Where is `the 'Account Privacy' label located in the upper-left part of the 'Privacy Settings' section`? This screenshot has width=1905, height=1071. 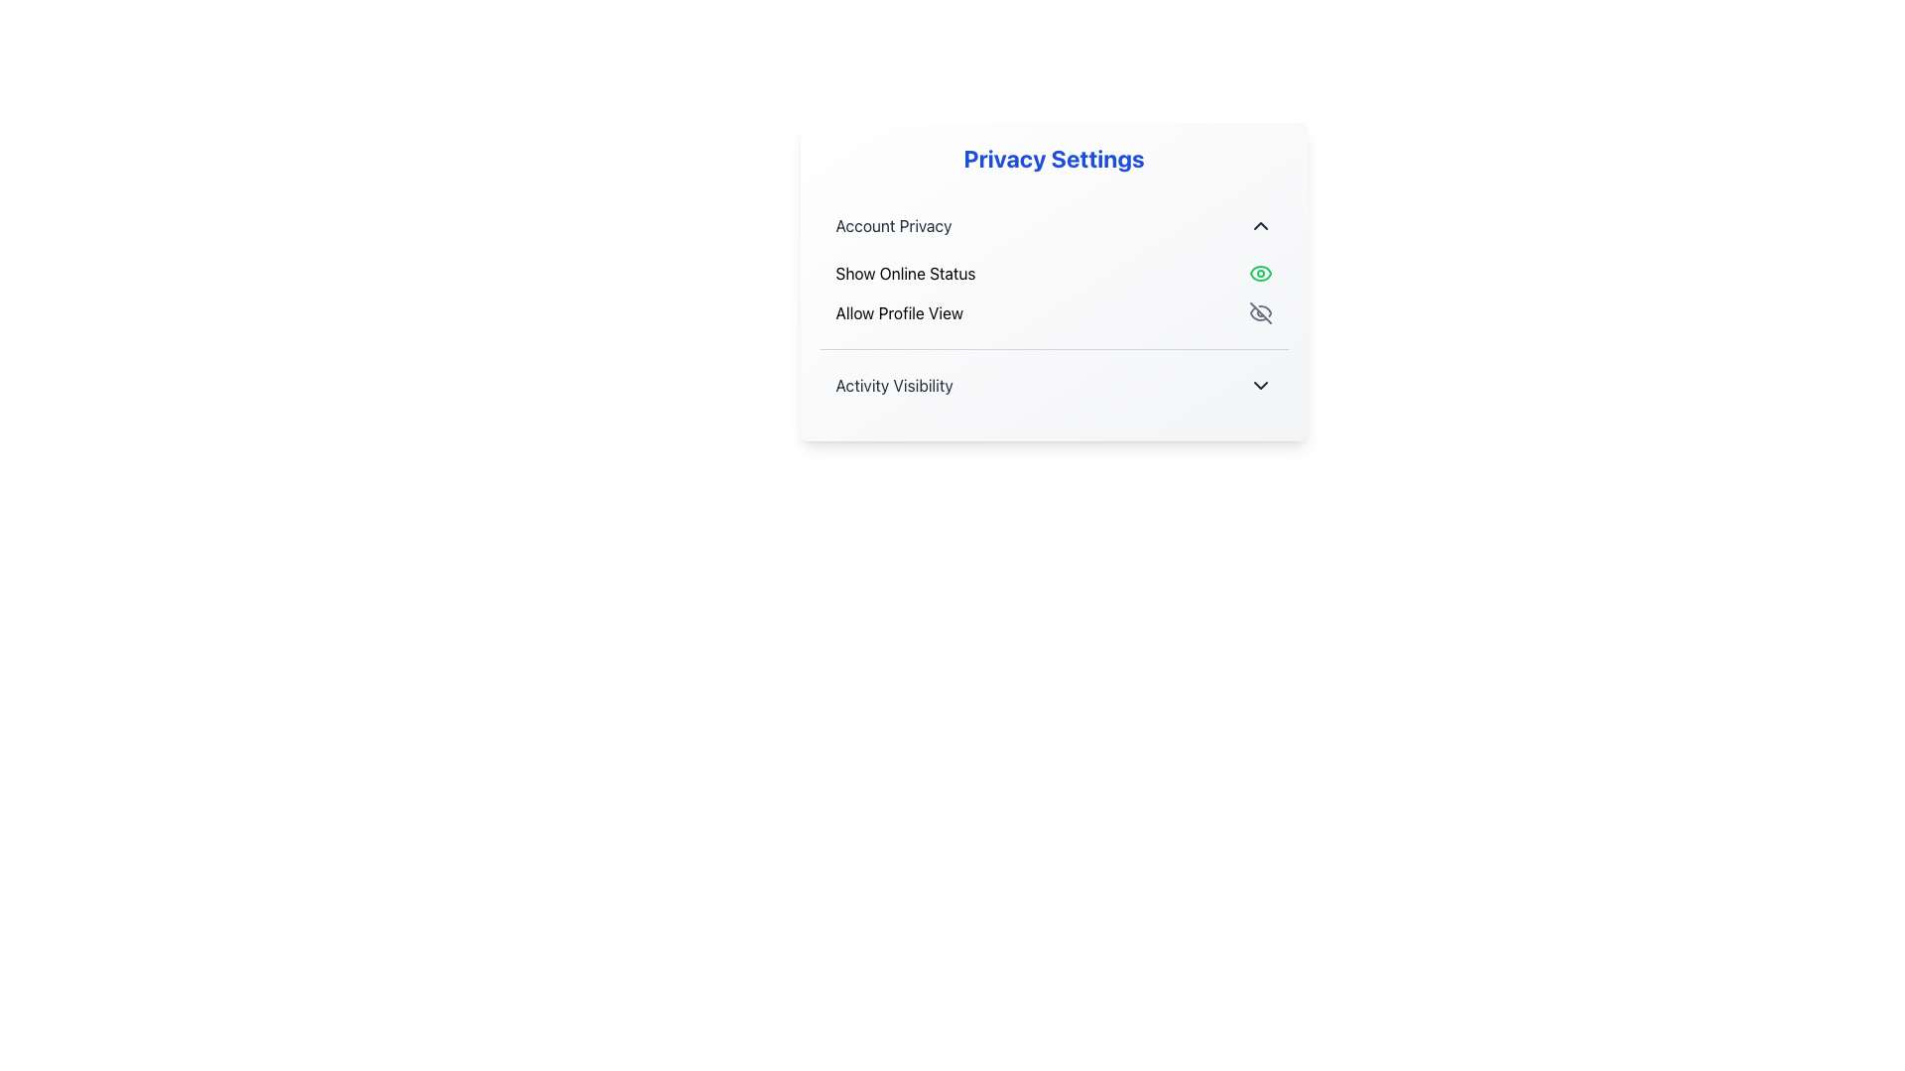 the 'Account Privacy' label located in the upper-left part of the 'Privacy Settings' section is located at coordinates (893, 224).